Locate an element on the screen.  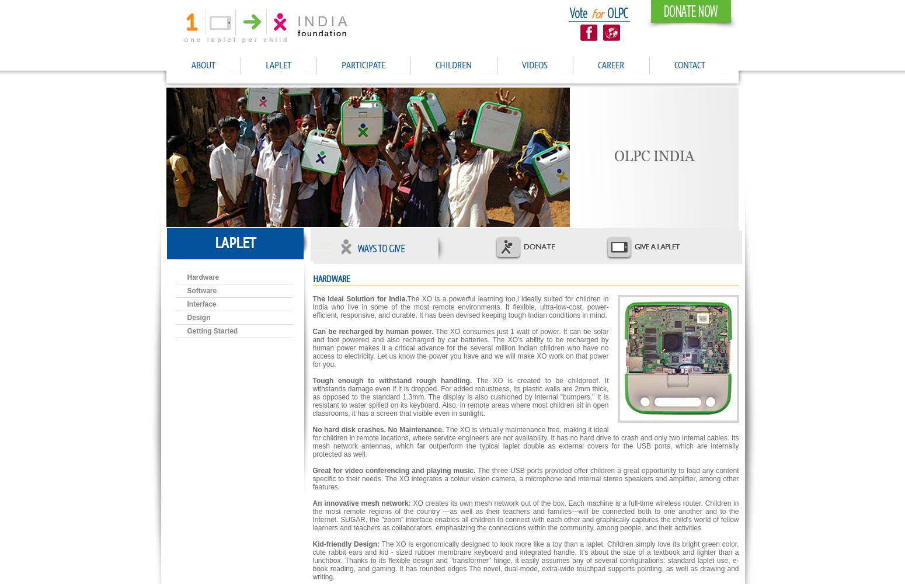
'The XO is ergonomically designed to look more like a toy than a laplet. Children simply love its bright green color, cute rabbit ears and kid - sized rubber membrane keyboard and integrated handle. It's about the size of a textbook and lighter than a lunchbox. Thanks to its flexible design and "transformer" hinge, it easily assumes any of several configurations: standard laplet use, e-book reading, and gaming. It has rounded edges The novel, dual-mode, extra-wide touchpad supports pointing, as well as drawing and writing.' is located at coordinates (525, 560).